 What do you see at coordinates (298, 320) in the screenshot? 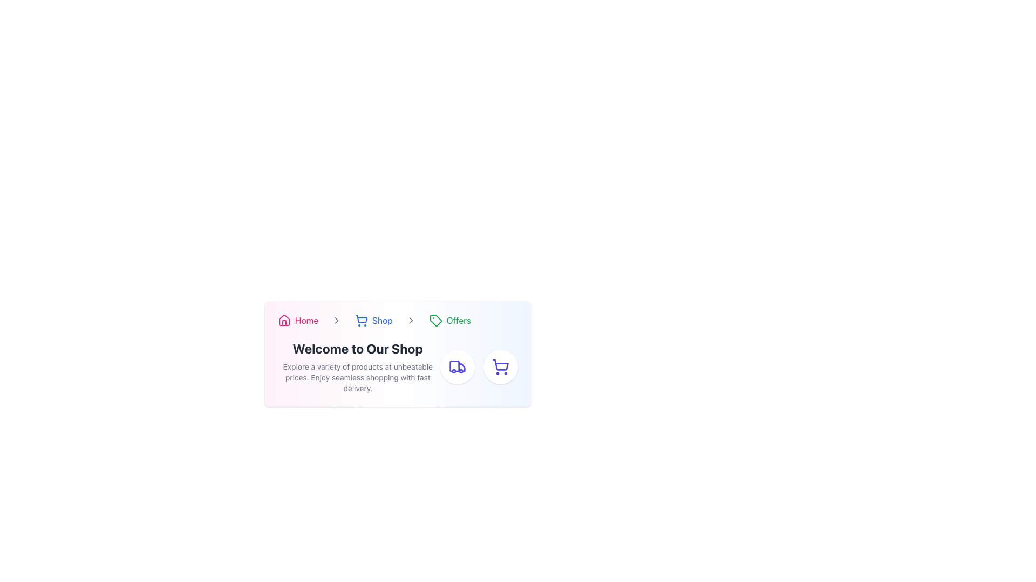
I see `the navigation button located at the first position in the navigation bar` at bounding box center [298, 320].